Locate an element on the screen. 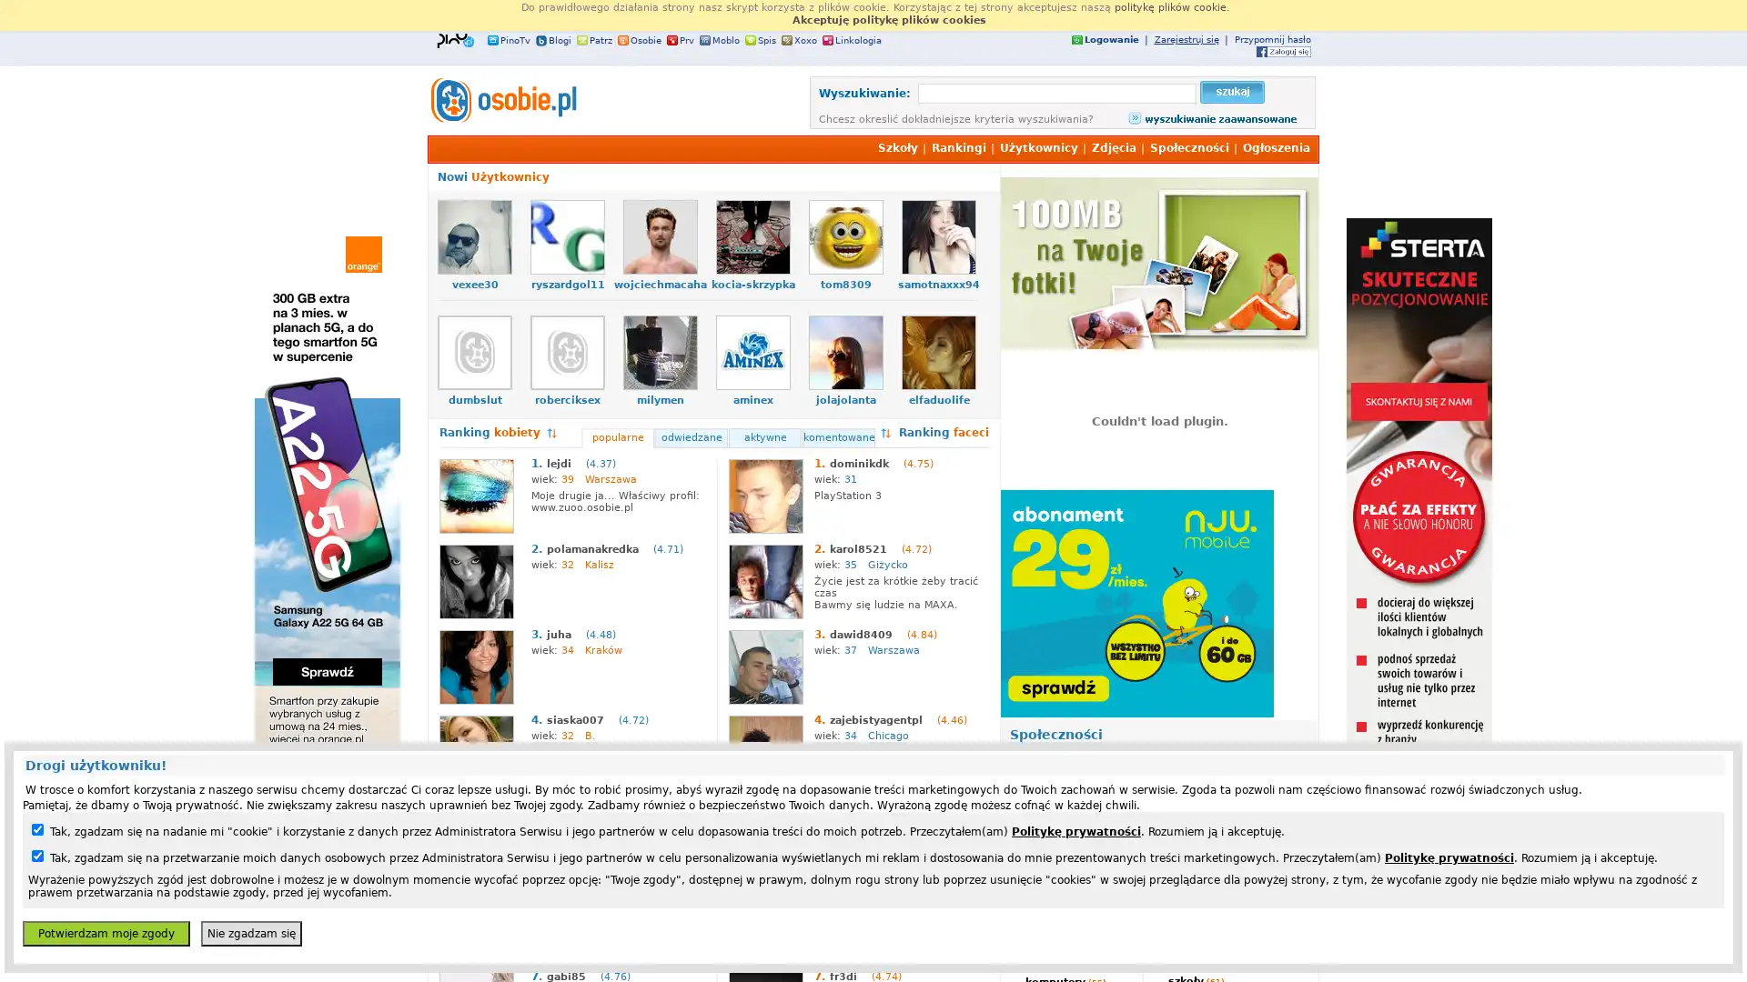  Potwierdzam moje zgody is located at coordinates (105, 933).